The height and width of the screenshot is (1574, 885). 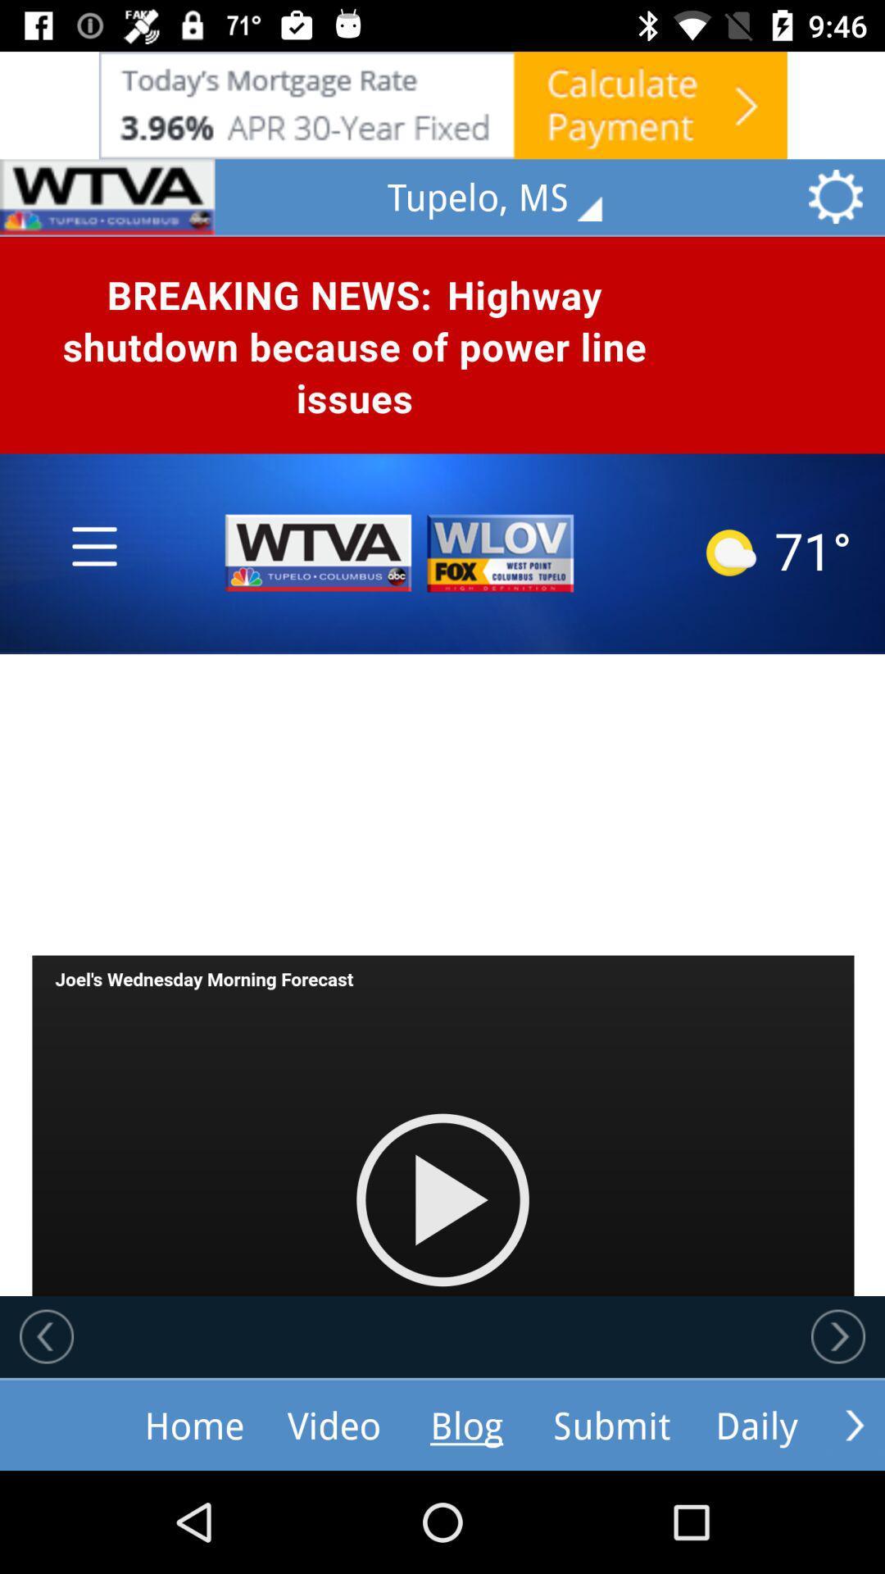 I want to click on go back, so click(x=46, y=1336).